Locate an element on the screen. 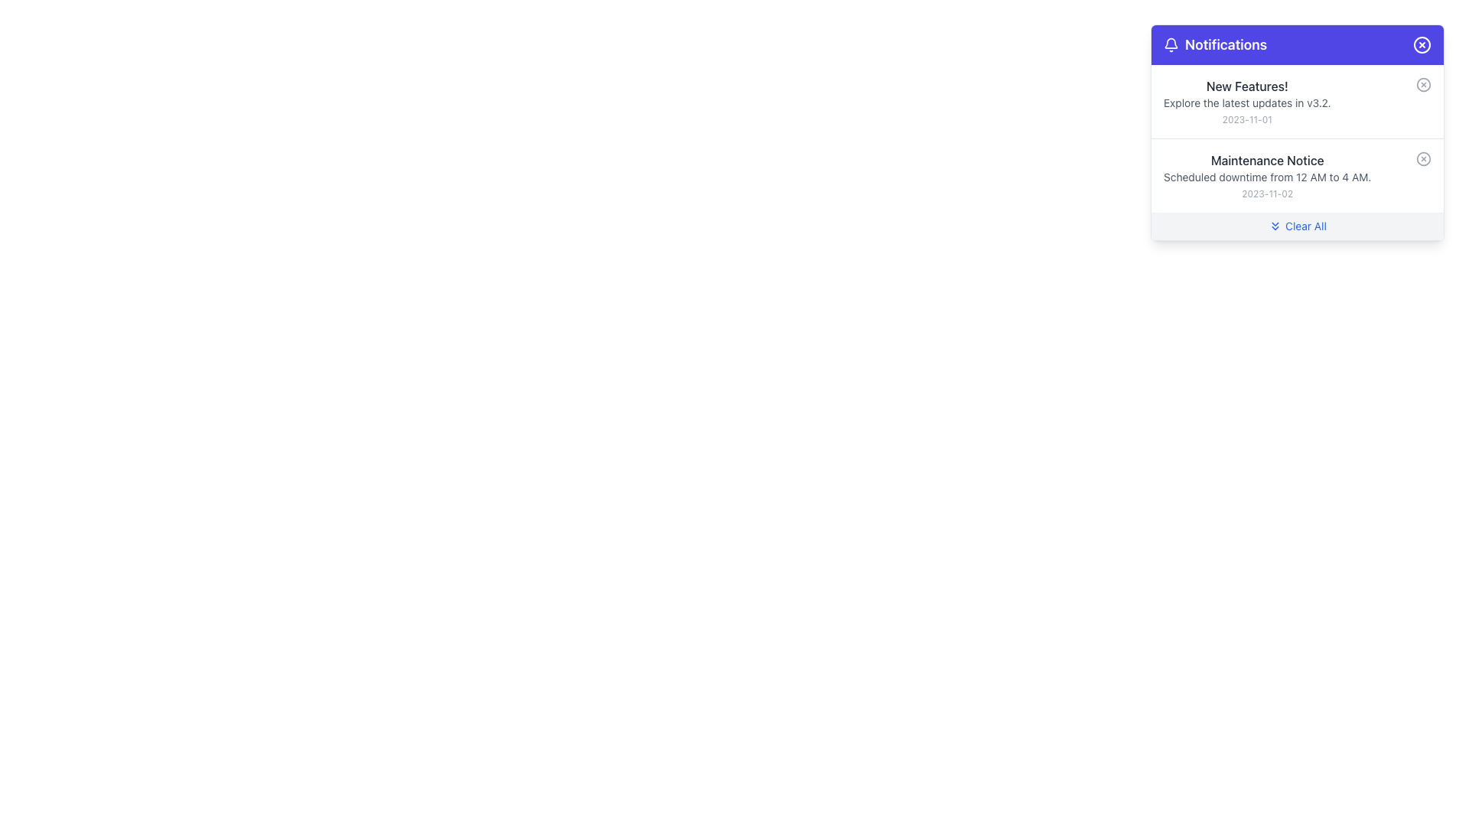 This screenshot has height=826, width=1469. the downward chevrons icon located at the left end of the 'Clear All' text label in the notification panel is located at coordinates (1275, 226).